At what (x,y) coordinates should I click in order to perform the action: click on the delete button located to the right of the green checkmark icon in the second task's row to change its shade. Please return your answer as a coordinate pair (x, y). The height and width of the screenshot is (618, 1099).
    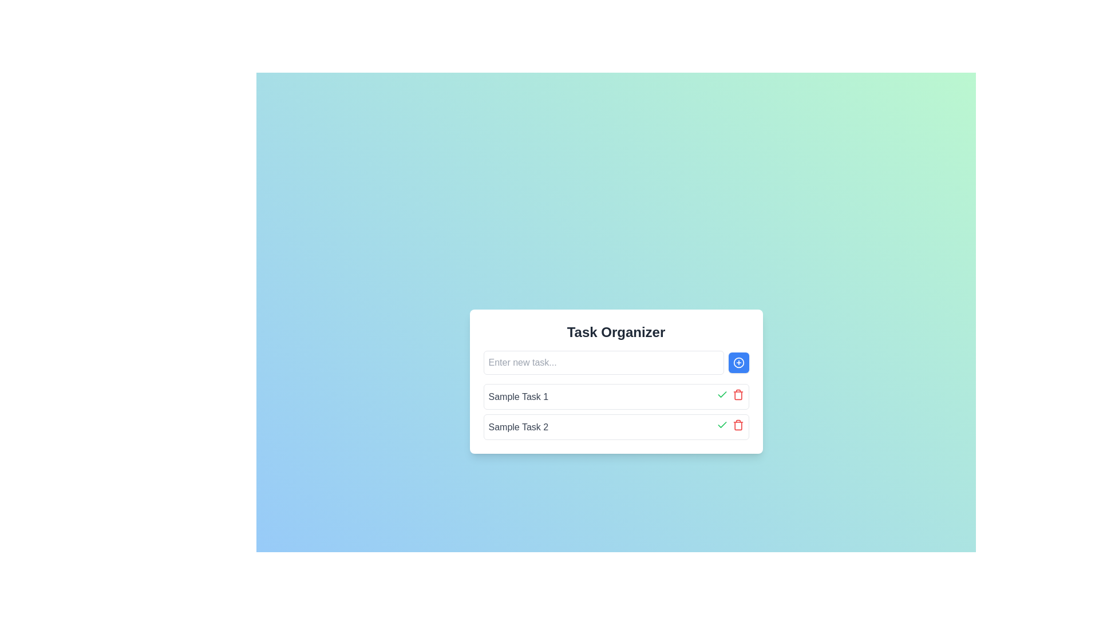
    Looking at the image, I should click on (738, 425).